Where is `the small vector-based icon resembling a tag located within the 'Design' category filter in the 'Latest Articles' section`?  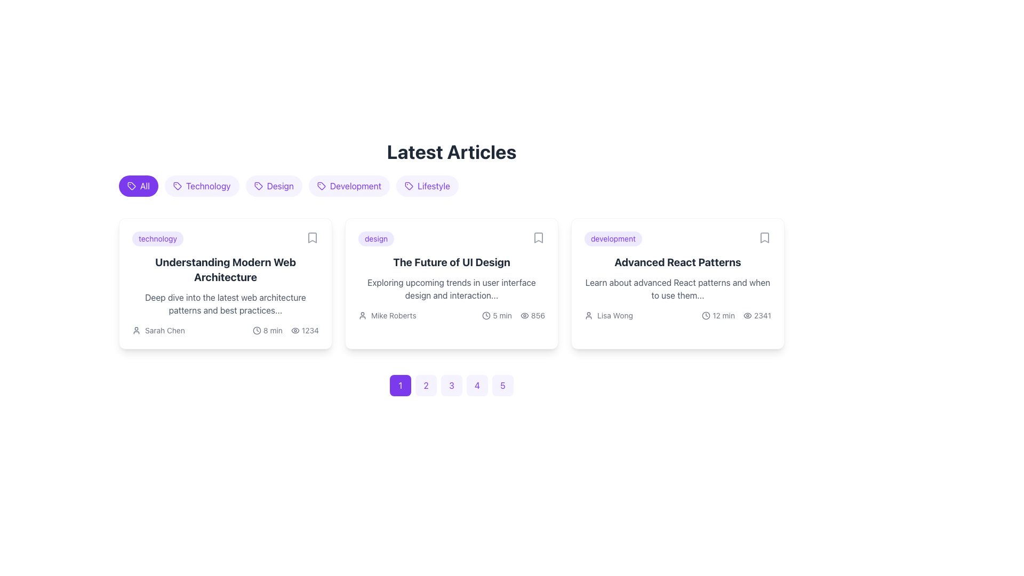 the small vector-based icon resembling a tag located within the 'Design' category filter in the 'Latest Articles' section is located at coordinates (258, 185).